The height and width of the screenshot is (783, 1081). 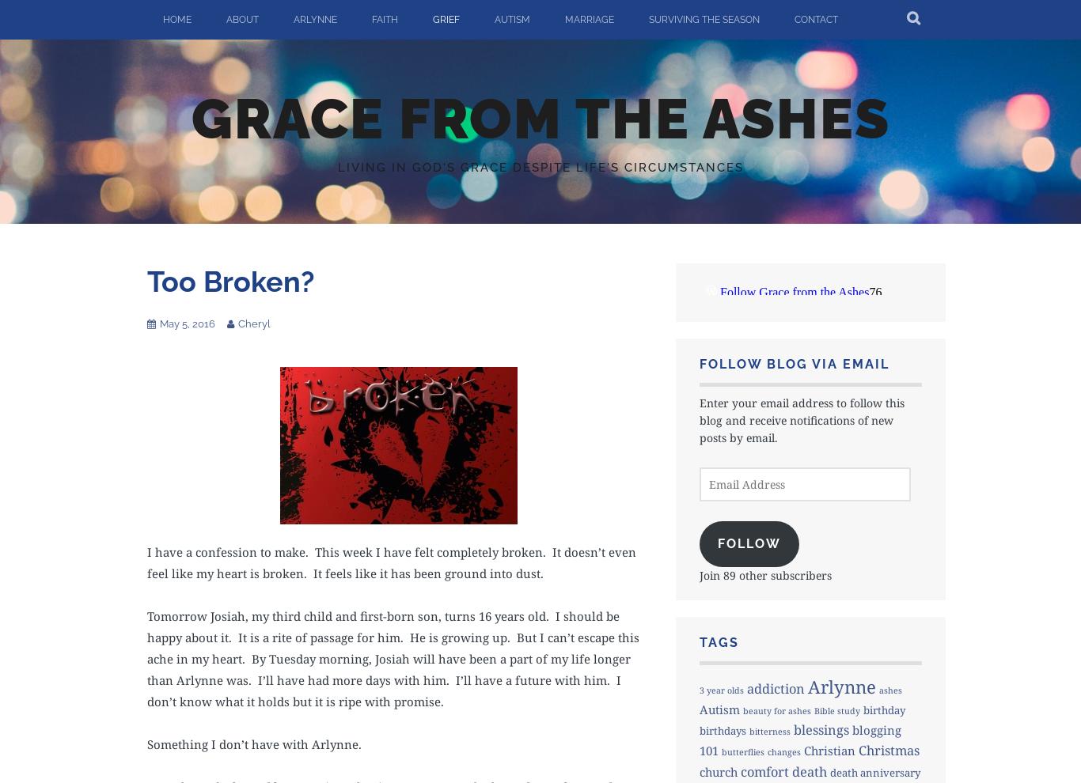 What do you see at coordinates (539, 165) in the screenshot?
I see `'Living in God's Grace Despite Life's Circumstances'` at bounding box center [539, 165].